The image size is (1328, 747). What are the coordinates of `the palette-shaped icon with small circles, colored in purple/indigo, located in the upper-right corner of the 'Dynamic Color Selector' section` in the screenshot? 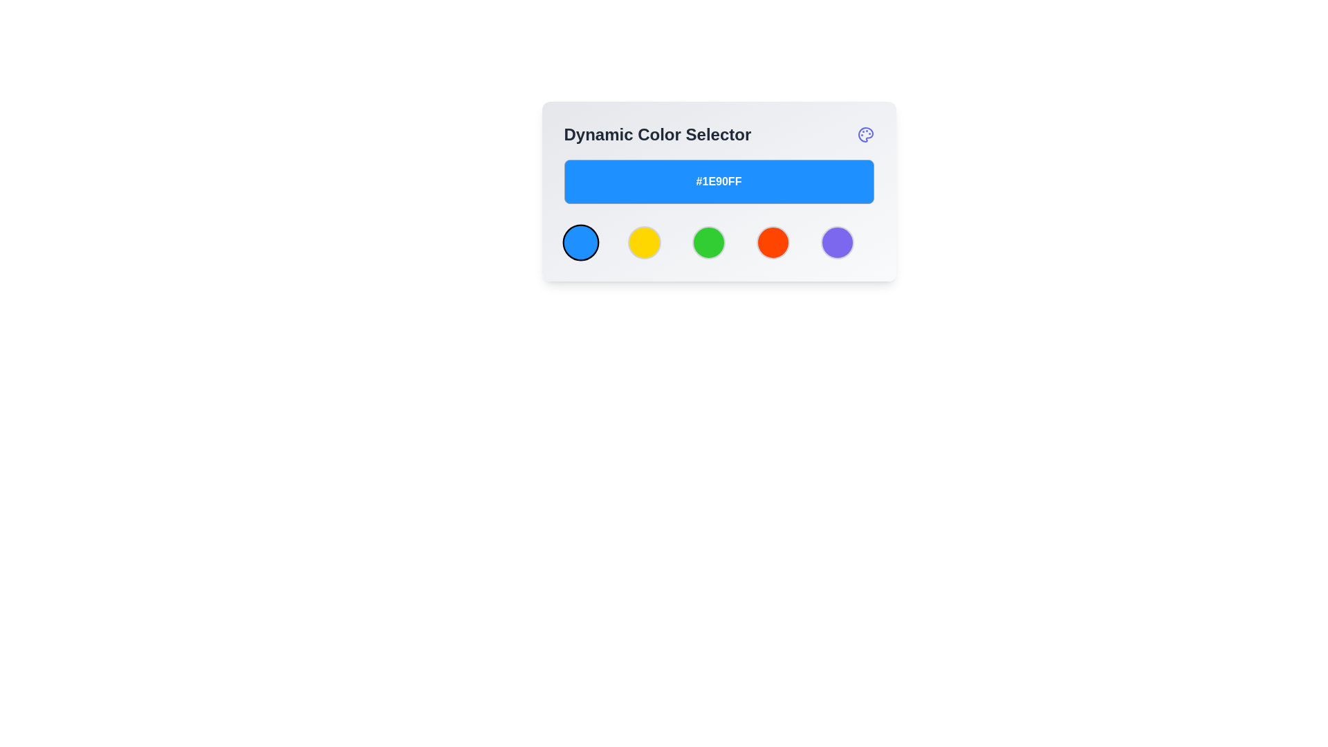 It's located at (865, 135).